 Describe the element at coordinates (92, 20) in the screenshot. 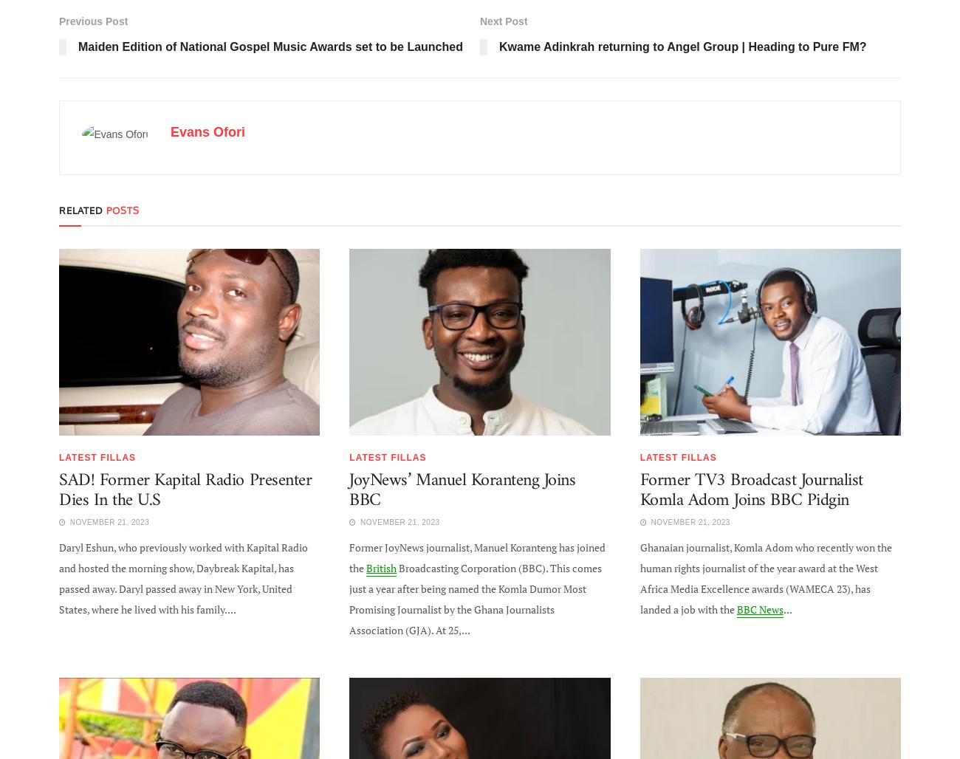

I see `'Previous Post'` at that location.